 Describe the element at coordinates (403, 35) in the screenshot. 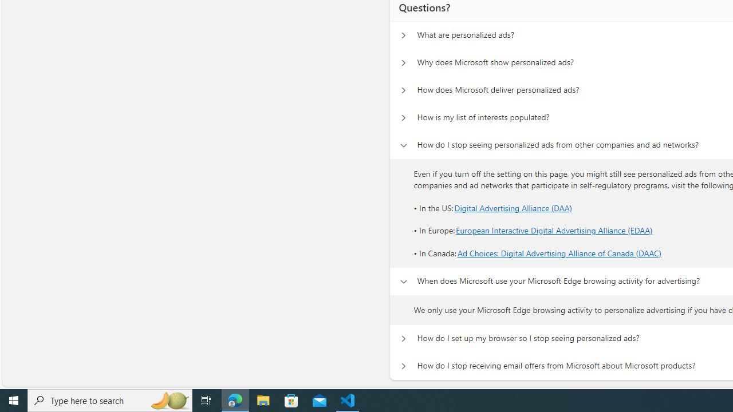

I see `'Questions? What are personalized ads?'` at that location.